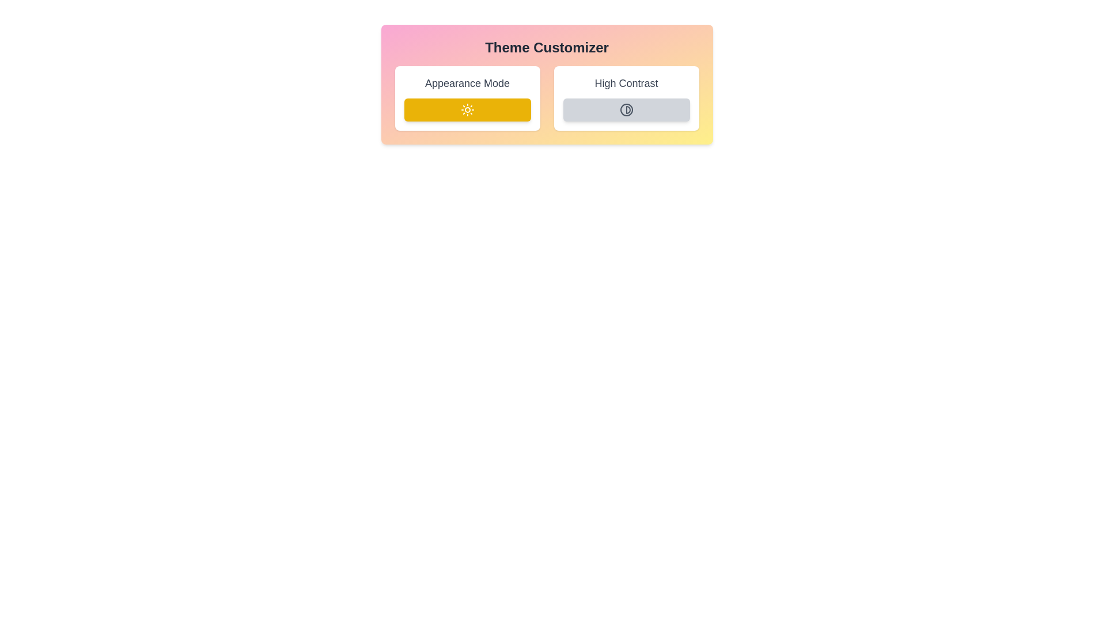 Image resolution: width=1106 pixels, height=622 pixels. I want to click on the 'High Contrast' button to toggle its state, so click(626, 110).